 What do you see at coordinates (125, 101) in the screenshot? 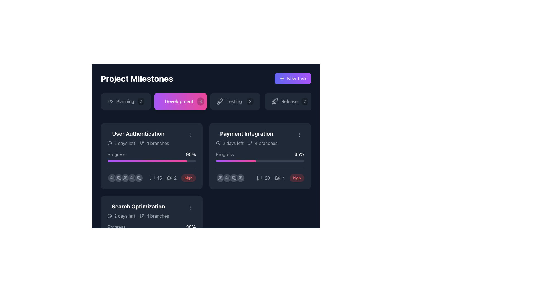
I see `the text label indicating the name or label of a task category, located to the right of an XML icon and to the left of a badge with the number '2'` at bounding box center [125, 101].